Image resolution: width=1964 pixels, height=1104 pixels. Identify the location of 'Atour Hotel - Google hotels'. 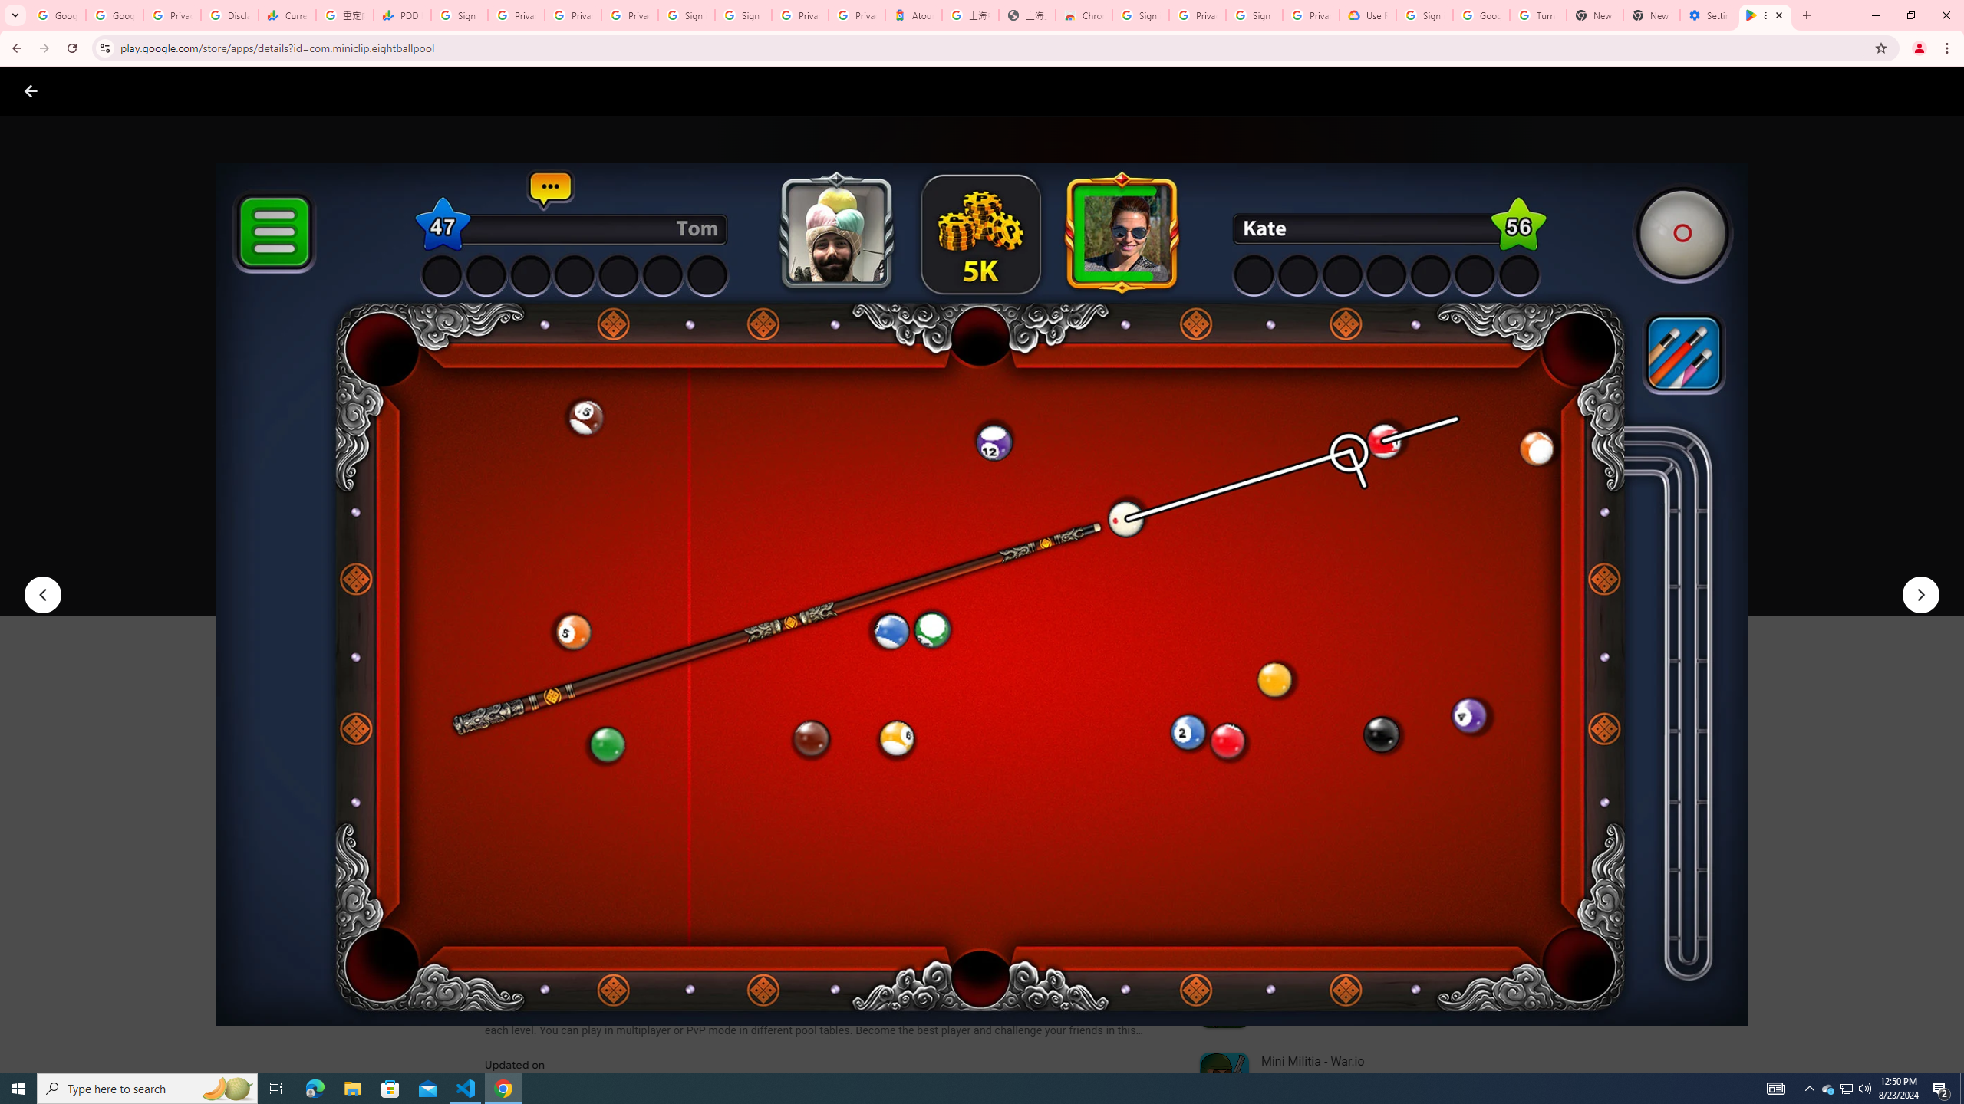
(913, 15).